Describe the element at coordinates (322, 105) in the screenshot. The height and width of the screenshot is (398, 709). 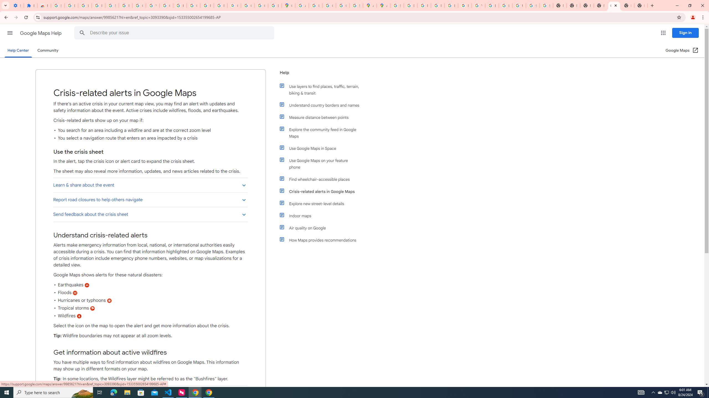
I see `'Understand country borders and names'` at that location.